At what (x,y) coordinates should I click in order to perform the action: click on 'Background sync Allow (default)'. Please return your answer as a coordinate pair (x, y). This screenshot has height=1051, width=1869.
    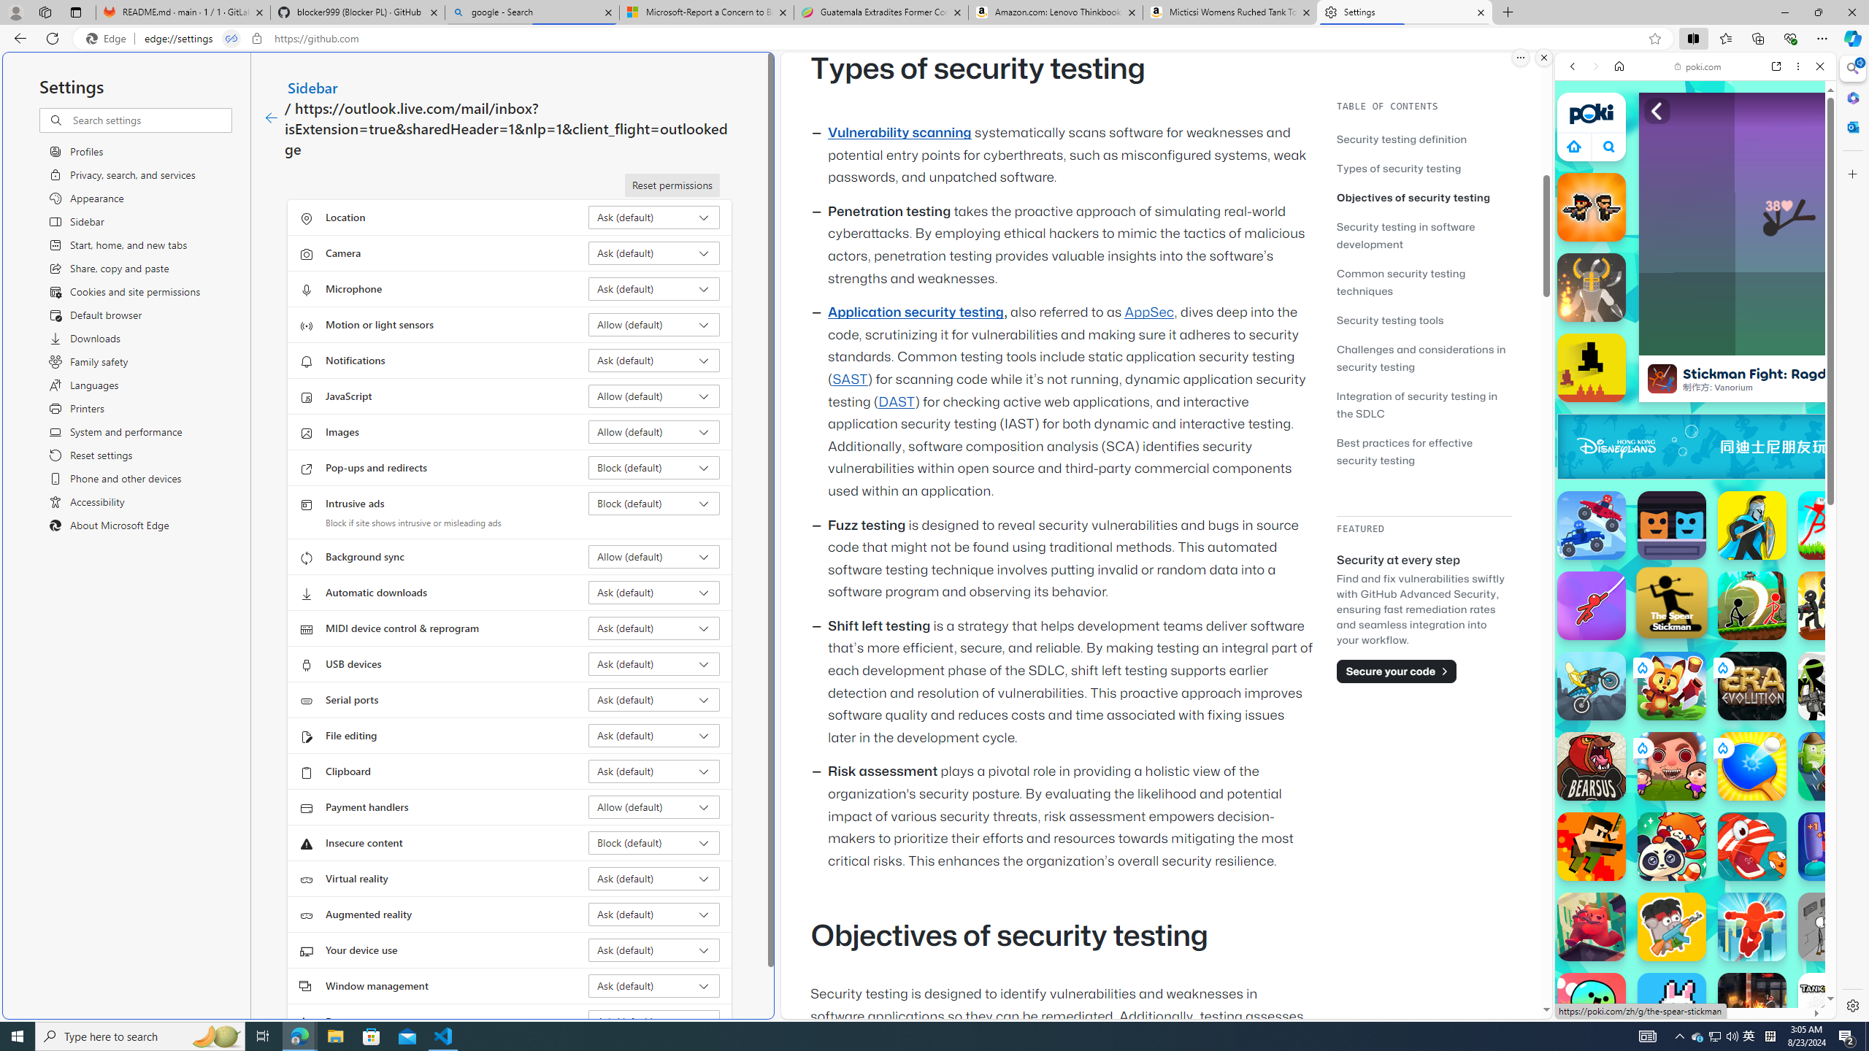
    Looking at the image, I should click on (654, 556).